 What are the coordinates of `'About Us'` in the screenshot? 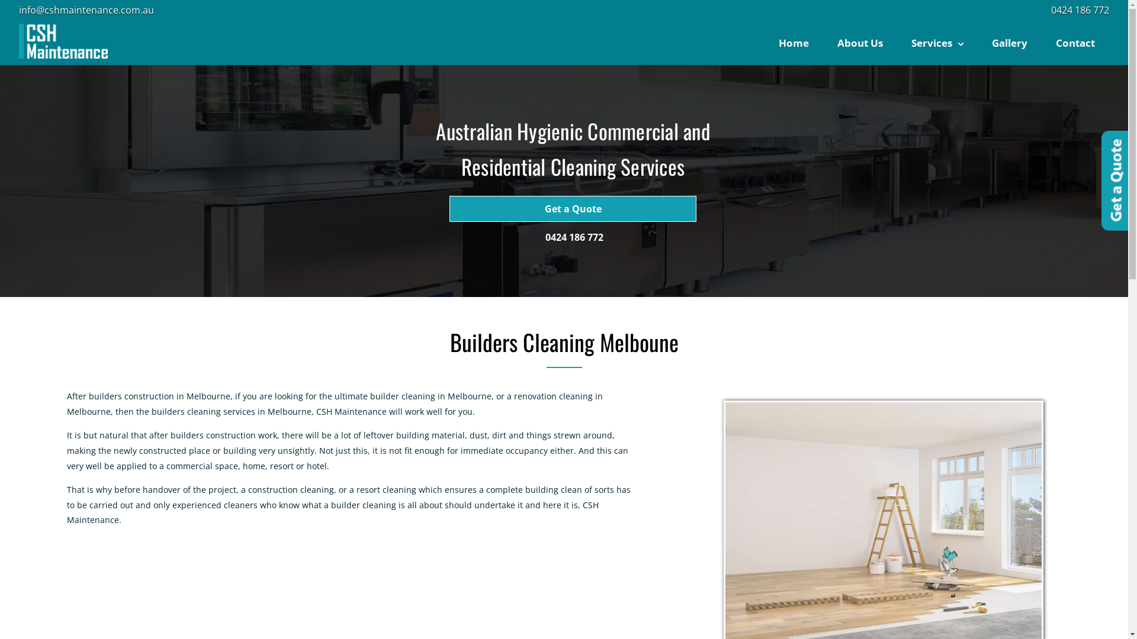 It's located at (860, 42).